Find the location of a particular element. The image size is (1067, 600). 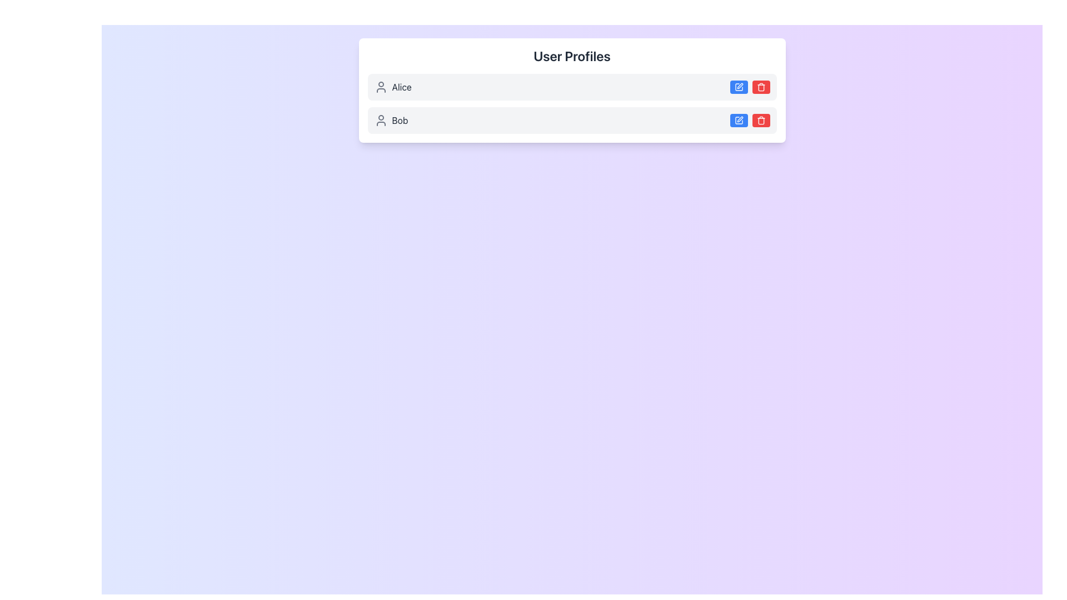

the bright red delete button with a trash bin icon in the User Profiles section for user 'Alice' is located at coordinates (760, 87).